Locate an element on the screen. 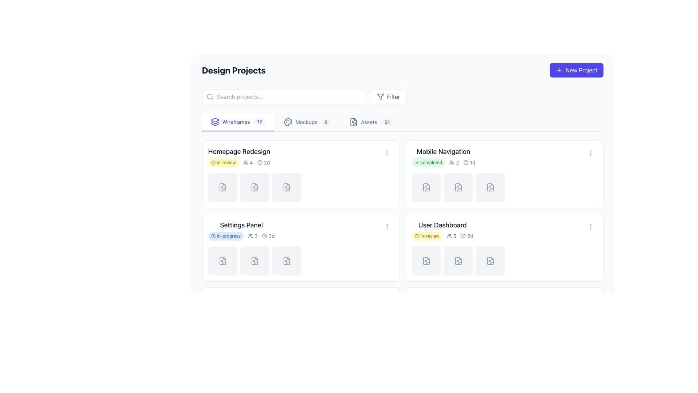 The height and width of the screenshot is (393, 698). informational label with the user icon and the numeral '3', located in the Settings Panel card, adjacent to the 'in-progress' label is located at coordinates (253, 236).